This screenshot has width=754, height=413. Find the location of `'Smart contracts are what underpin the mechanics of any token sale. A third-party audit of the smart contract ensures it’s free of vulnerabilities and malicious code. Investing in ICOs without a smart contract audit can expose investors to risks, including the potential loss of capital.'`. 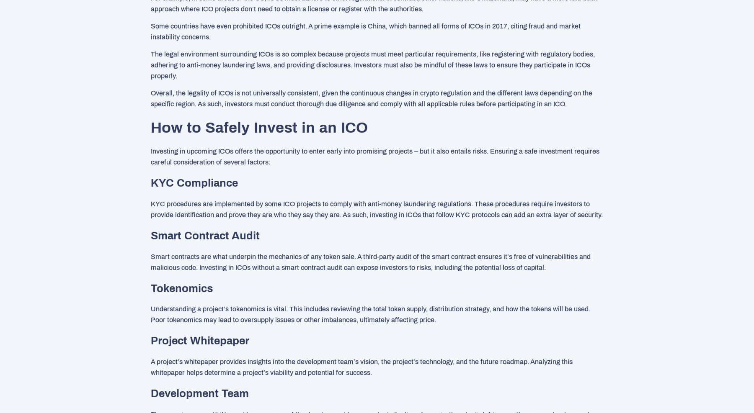

'Smart contracts are what underpin the mechanics of any token sale. A third-party audit of the smart contract ensures it’s free of vulnerabilities and malicious code. Investing in ICOs without a smart contract audit can expose investors to risks, including the potential loss of capital.' is located at coordinates (371, 261).